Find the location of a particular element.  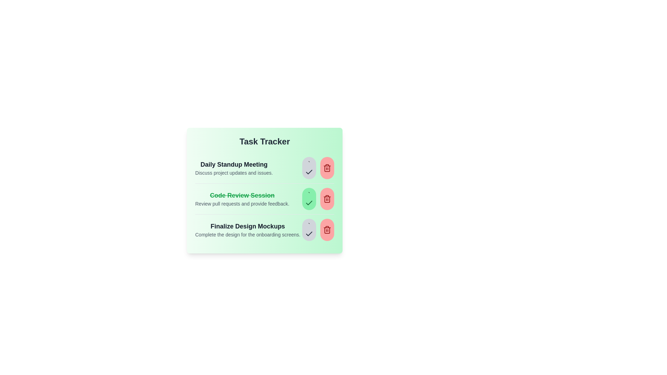

the delete button for the task identified by Finalize Design Mockups is located at coordinates (327, 230).